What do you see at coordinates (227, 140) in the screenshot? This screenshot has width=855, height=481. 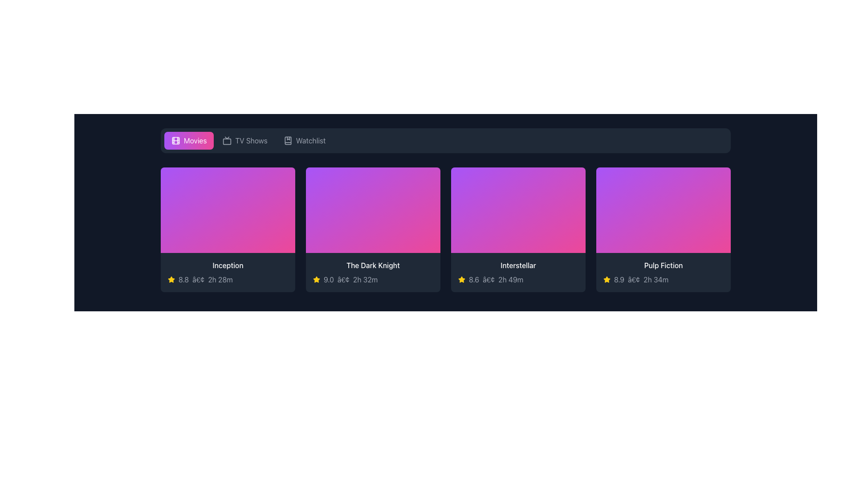 I see `the 'TV Shows' icon located at the top of the interface, second position from the left in the navigation menu` at bounding box center [227, 140].